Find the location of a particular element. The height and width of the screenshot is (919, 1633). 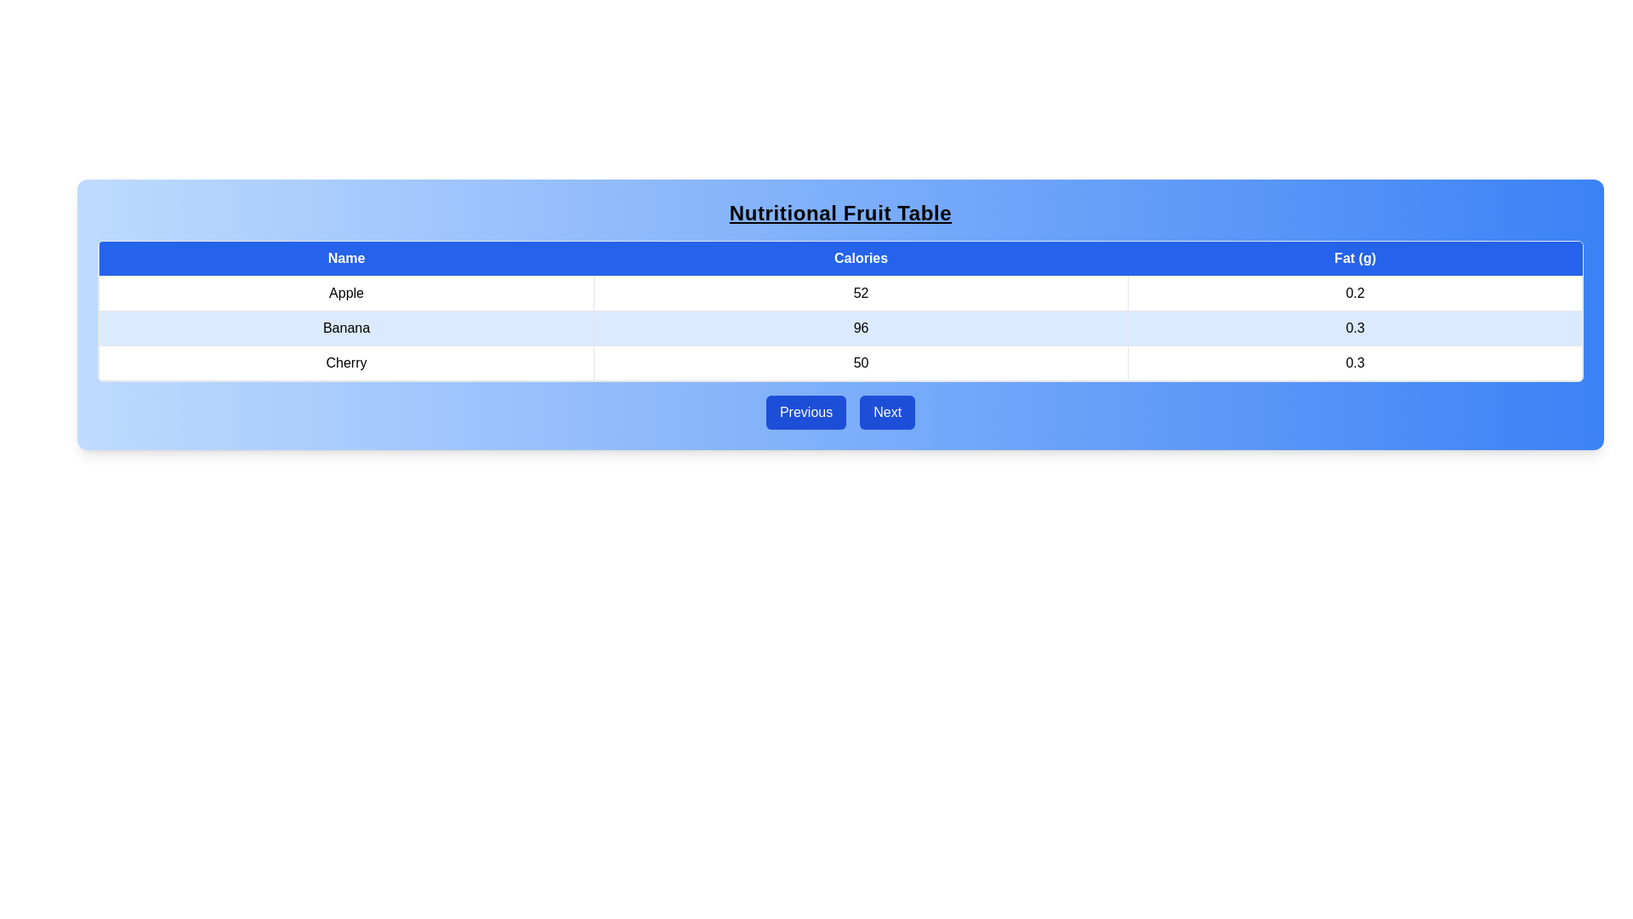

text from the Table Header Cell, which is the leftmost header of the table that labels the names of the items listed beneath it is located at coordinates (345, 259).